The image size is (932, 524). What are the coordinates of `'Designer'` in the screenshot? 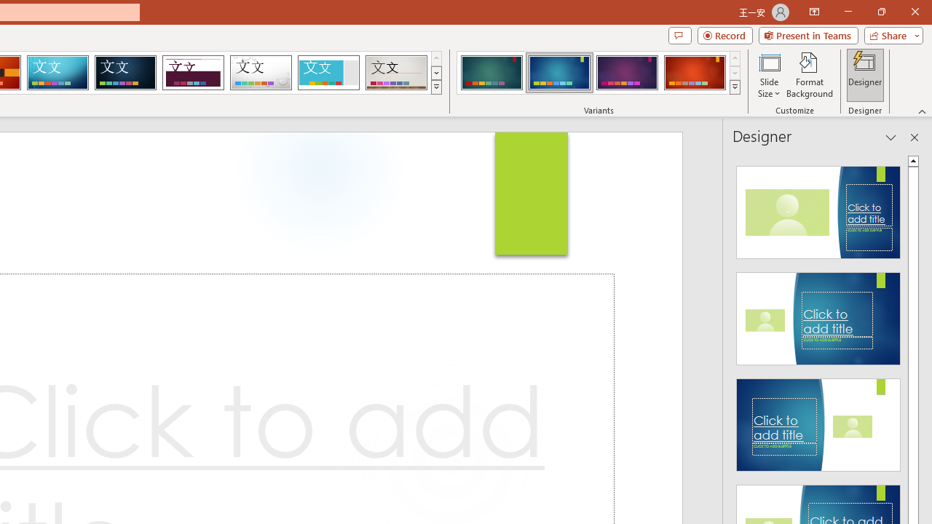 It's located at (865, 75).